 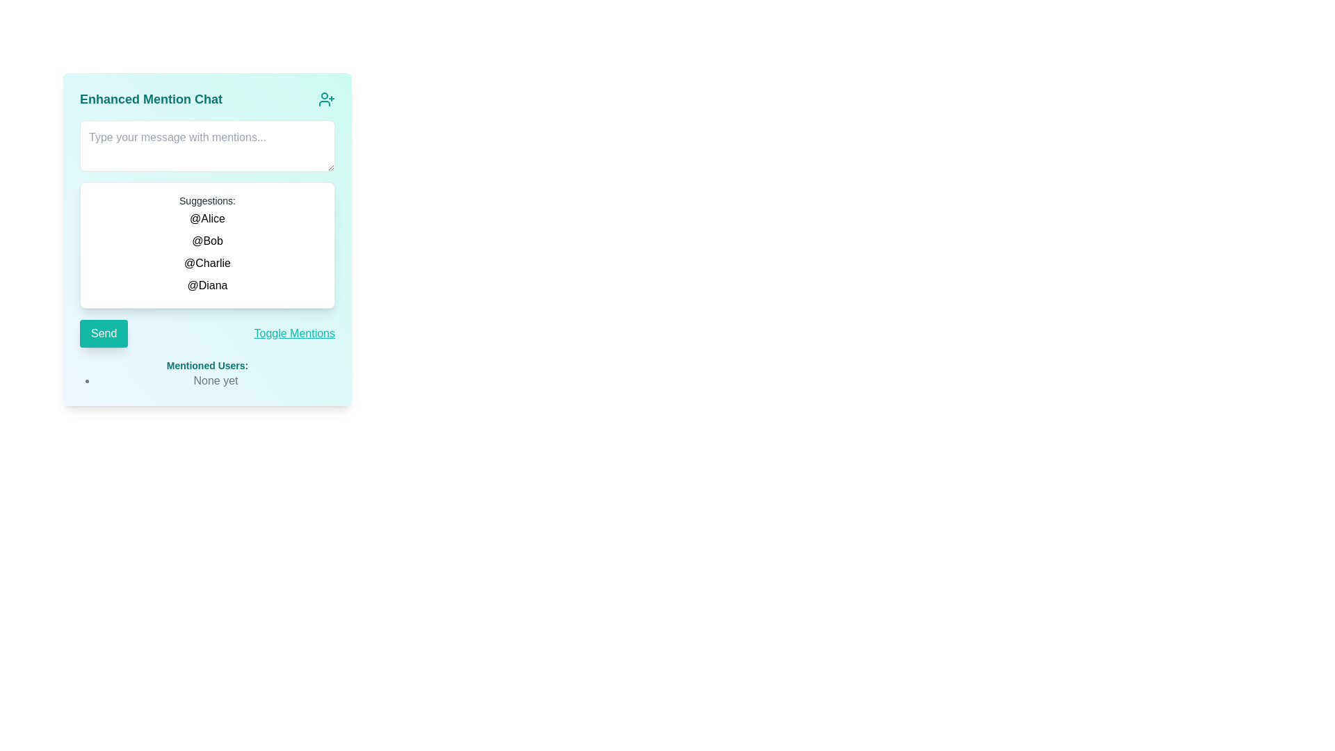 What do you see at coordinates (207, 145) in the screenshot?
I see `the text input field located directly below the title 'Enhanced Mention Chat', which allows users to type messages and supports mentions` at bounding box center [207, 145].